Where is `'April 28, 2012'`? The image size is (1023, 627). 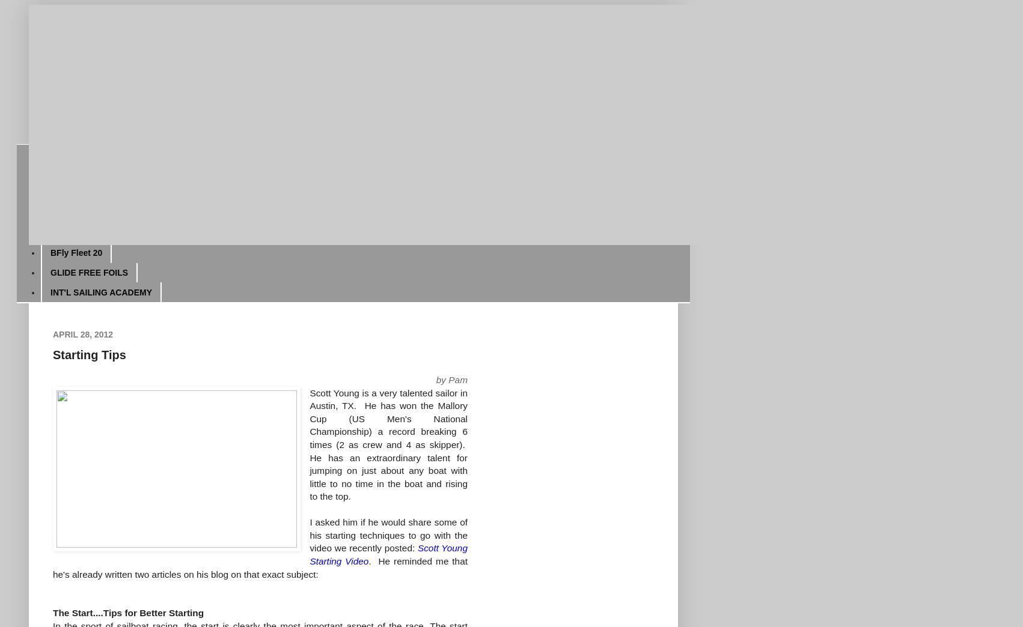 'April 28, 2012' is located at coordinates (83, 333).